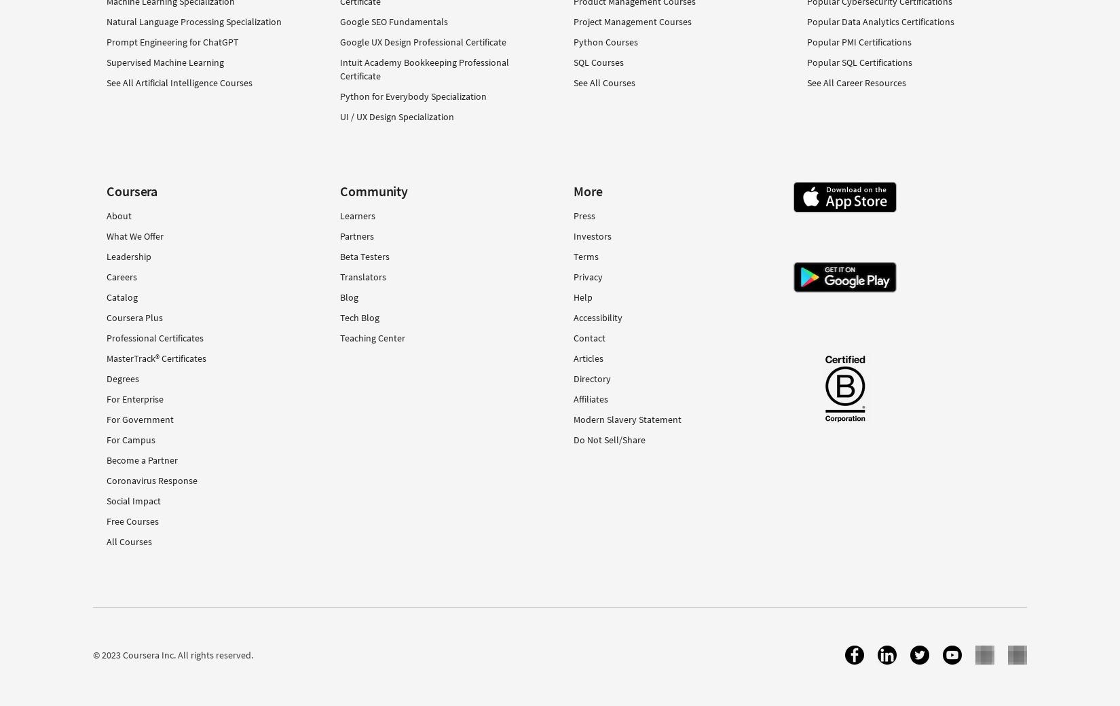 This screenshot has height=706, width=1120. I want to click on 'Tech Blog', so click(358, 316).